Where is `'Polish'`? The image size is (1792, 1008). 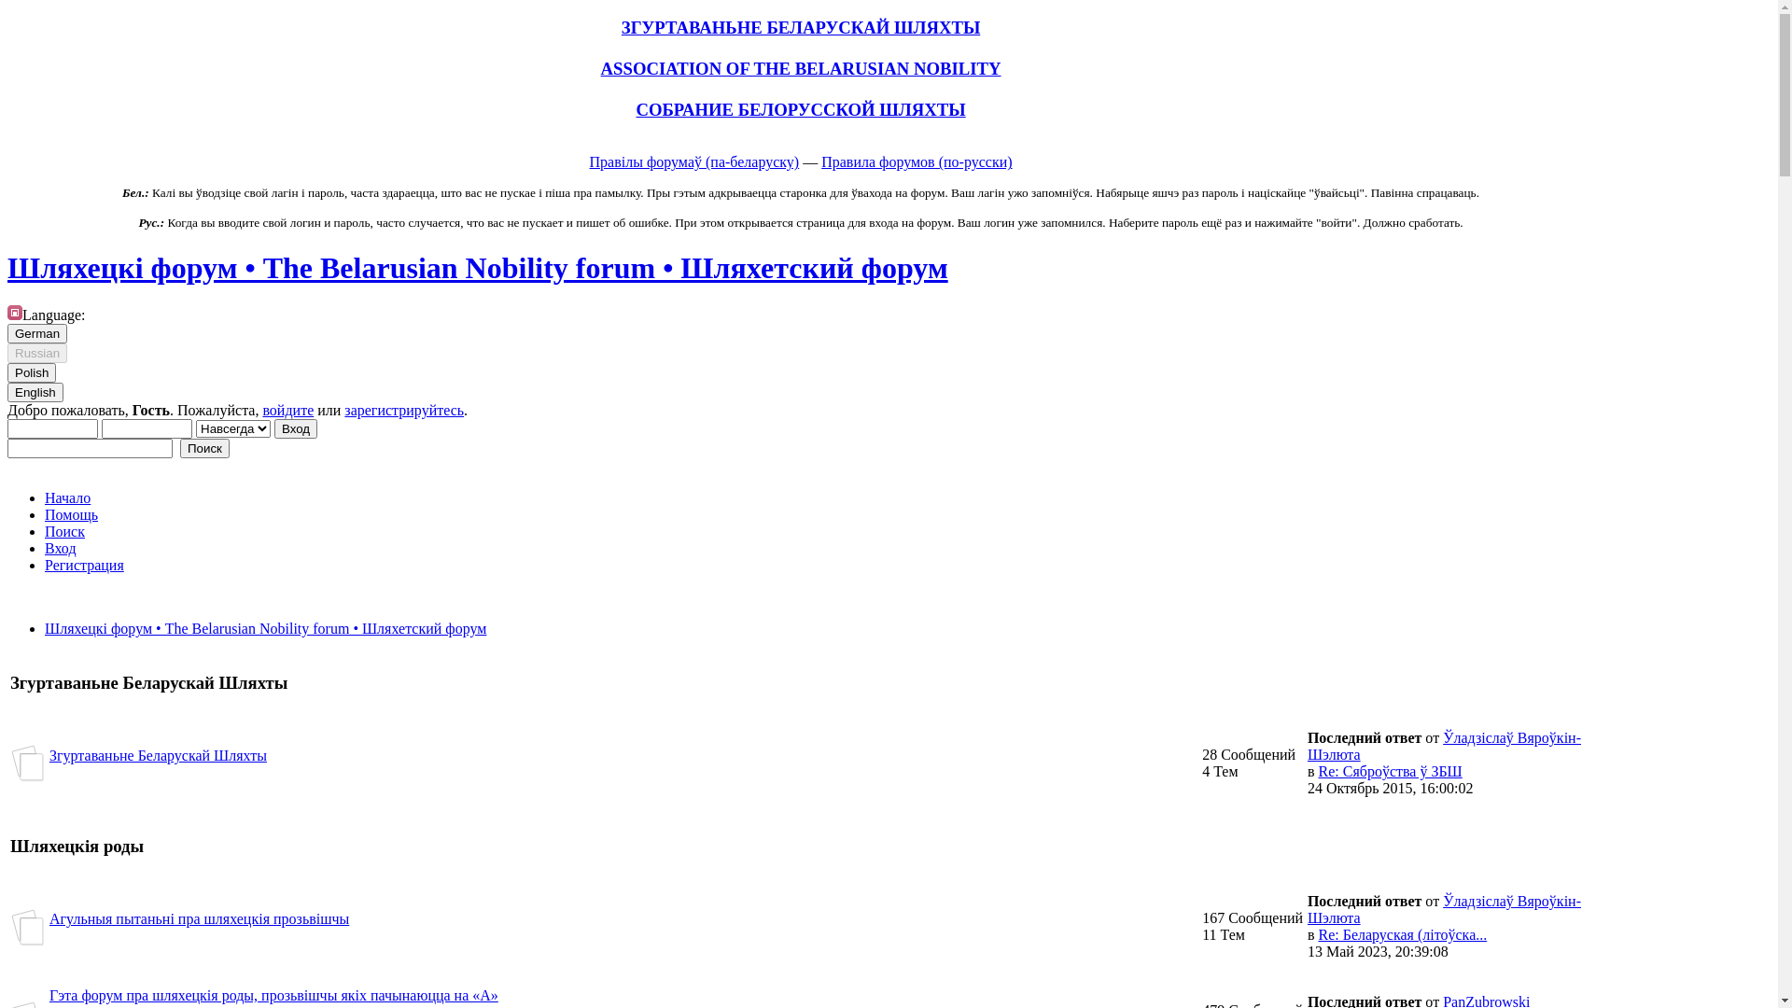
'Polish' is located at coordinates (31, 372).